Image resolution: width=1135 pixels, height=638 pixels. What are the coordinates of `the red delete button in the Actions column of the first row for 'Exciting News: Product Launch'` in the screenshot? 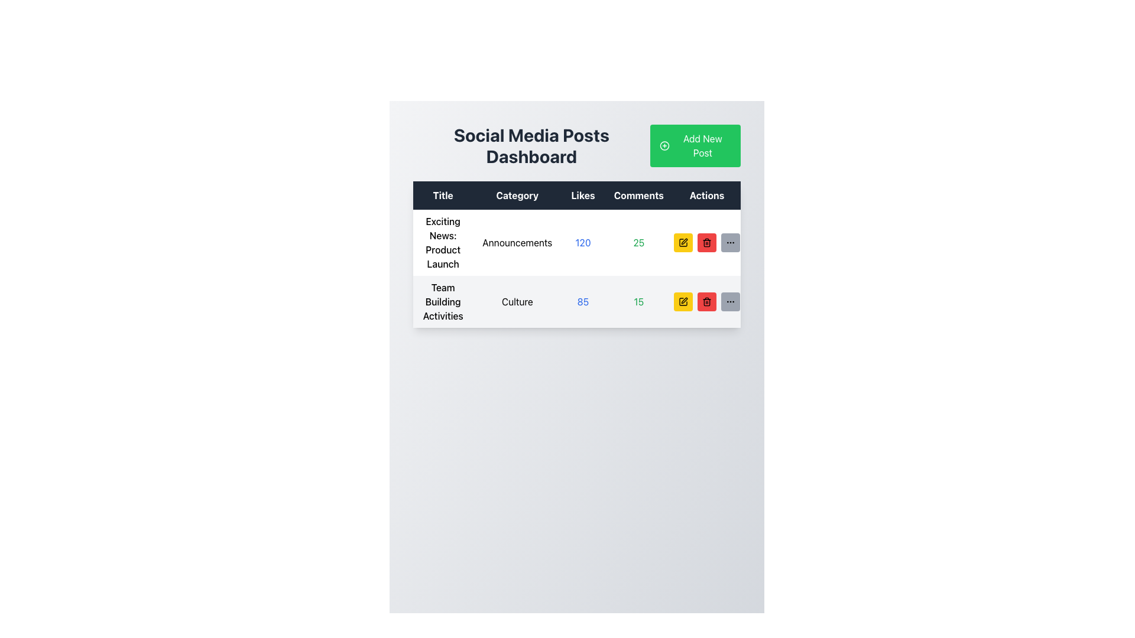 It's located at (706, 242).